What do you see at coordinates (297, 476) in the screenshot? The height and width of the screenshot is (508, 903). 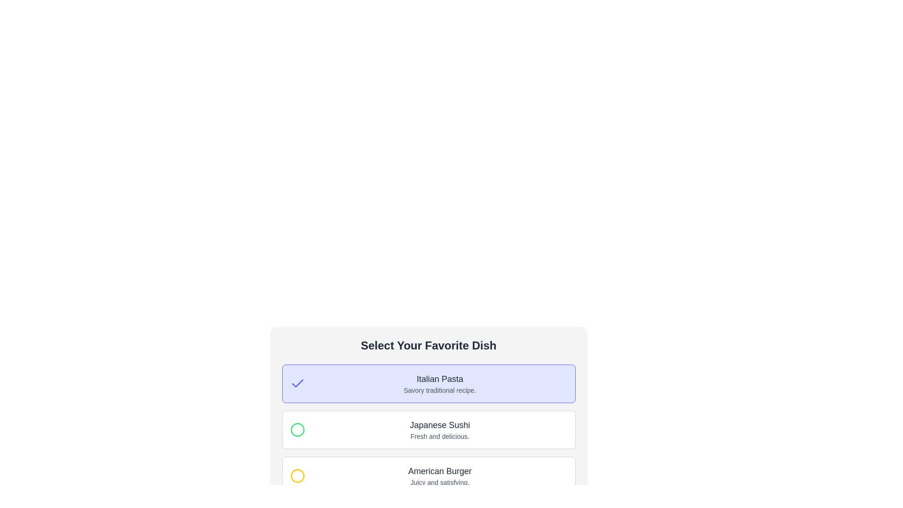 I see `the circular radio button indicator with a yellow stroke, which is positioned to the left of the text 'American Burger', to trigger interaction feedback` at bounding box center [297, 476].